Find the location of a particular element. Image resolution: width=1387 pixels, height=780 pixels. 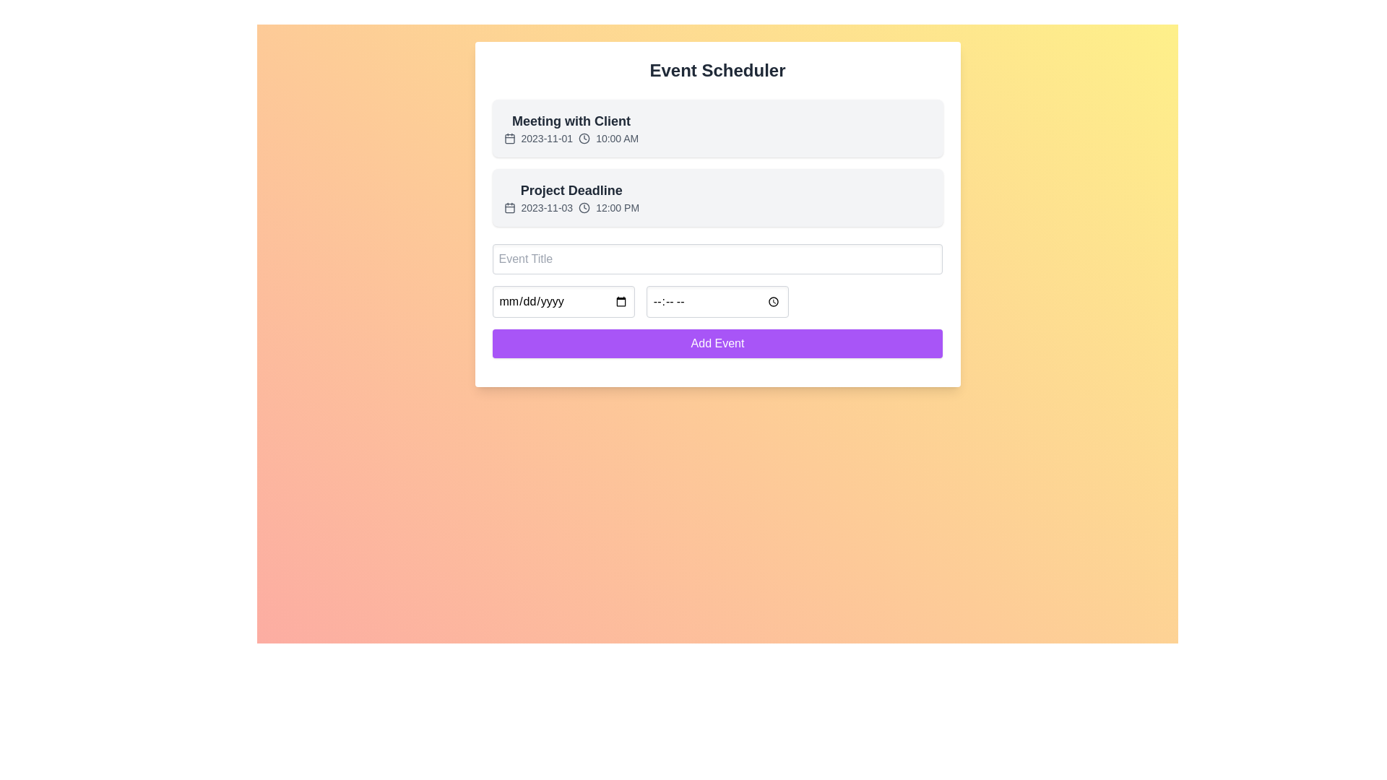

the icon representing the time associated with the event, located in the second row to the immediate left of the time text '12:00 PM' is located at coordinates (584, 208).